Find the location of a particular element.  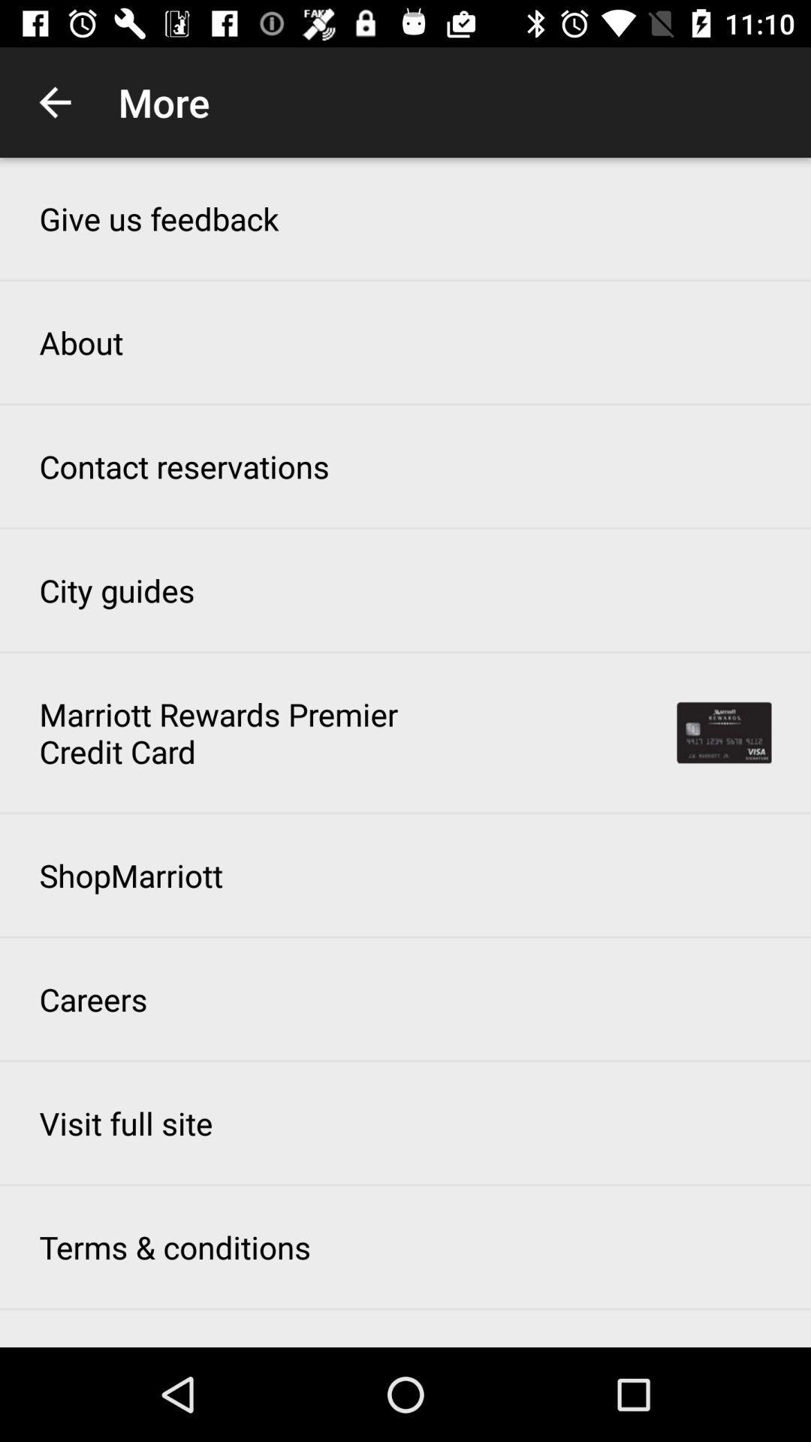

the item below city guides icon is located at coordinates (228, 732).